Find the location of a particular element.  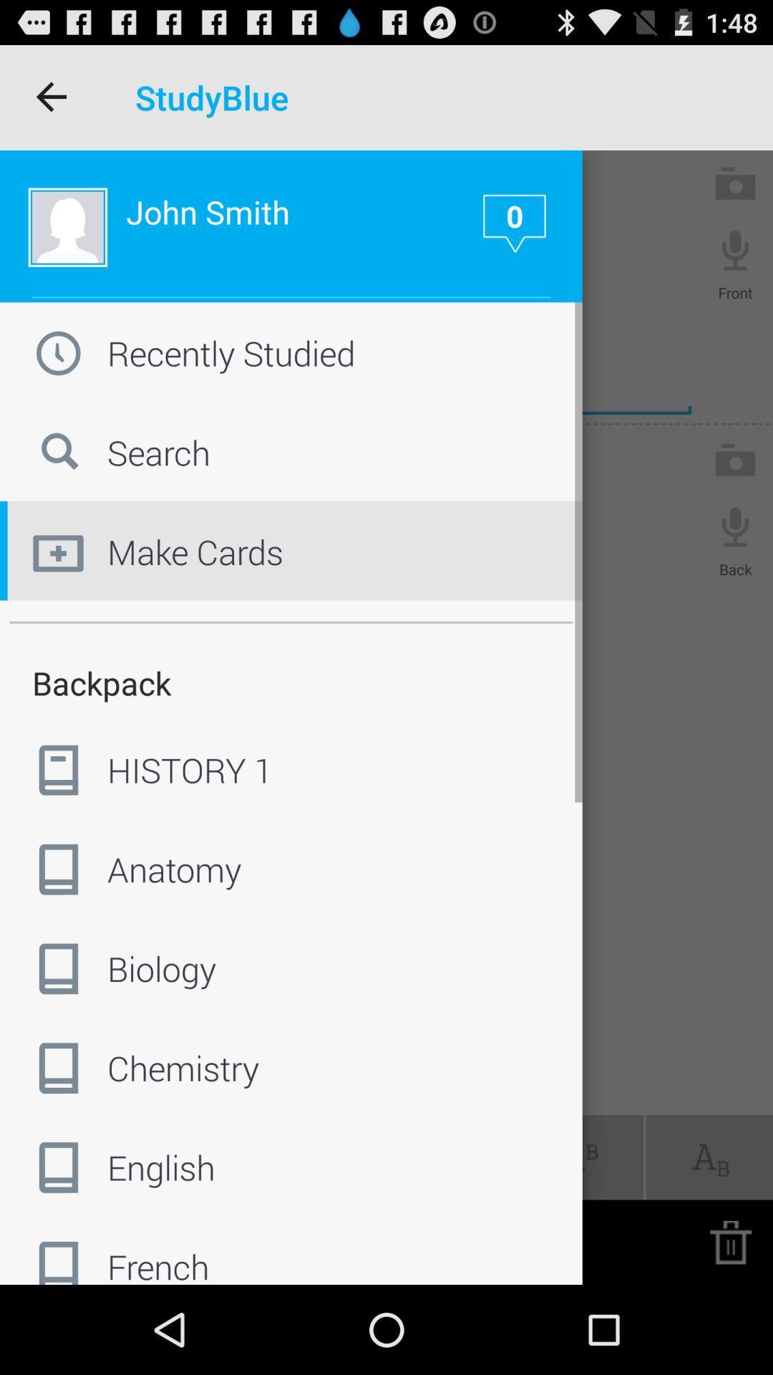

the photo icon is located at coordinates (735, 196).